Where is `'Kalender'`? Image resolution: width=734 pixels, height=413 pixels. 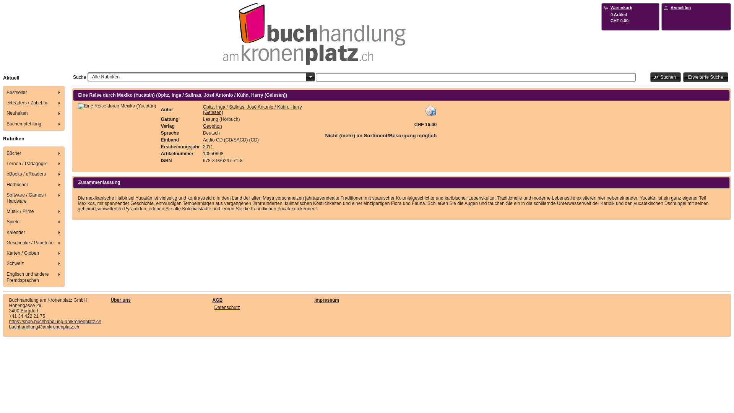 'Kalender' is located at coordinates (34, 232).